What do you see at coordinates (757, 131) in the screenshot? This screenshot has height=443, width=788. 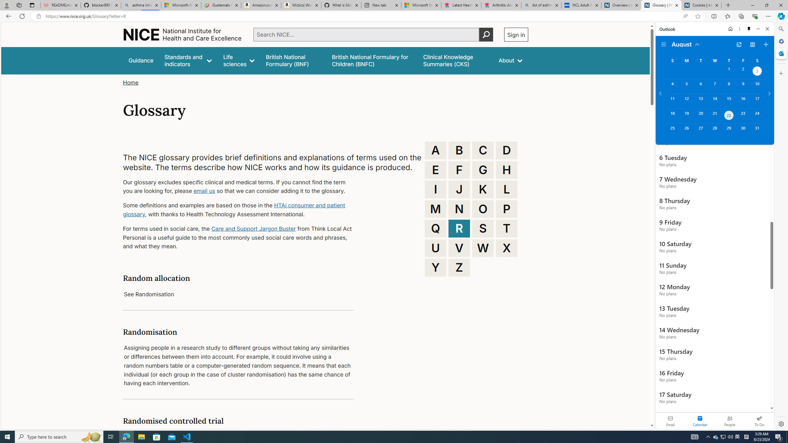 I see `'Saturday, August 31, 2024. '` at bounding box center [757, 131].